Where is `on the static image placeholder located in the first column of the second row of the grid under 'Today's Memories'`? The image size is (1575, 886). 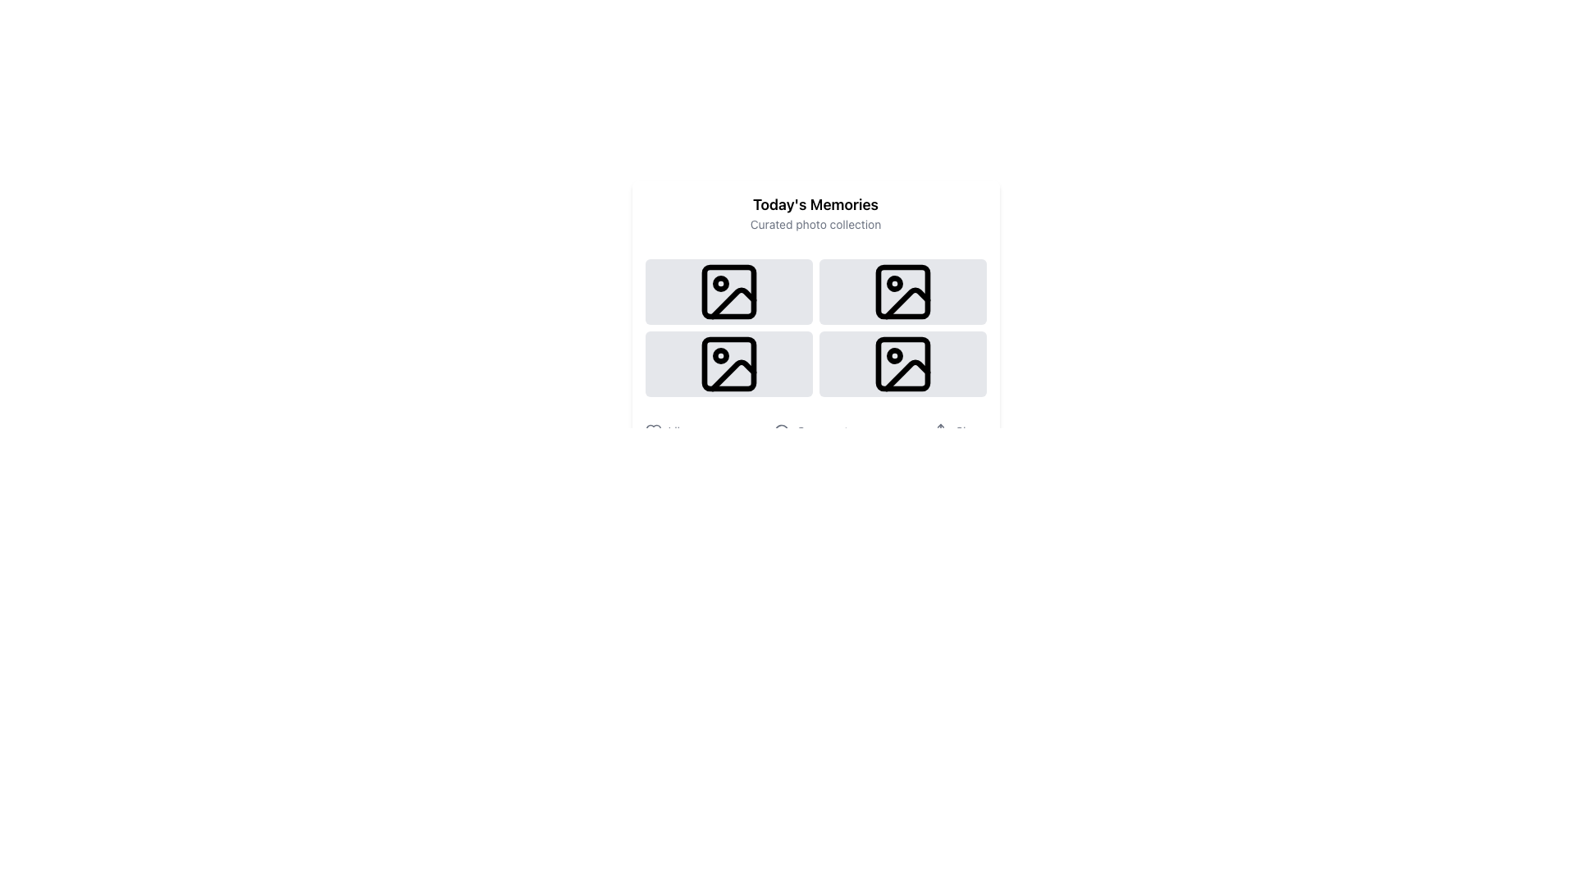 on the static image placeholder located in the first column of the second row of the grid under 'Today's Memories' is located at coordinates (728, 363).